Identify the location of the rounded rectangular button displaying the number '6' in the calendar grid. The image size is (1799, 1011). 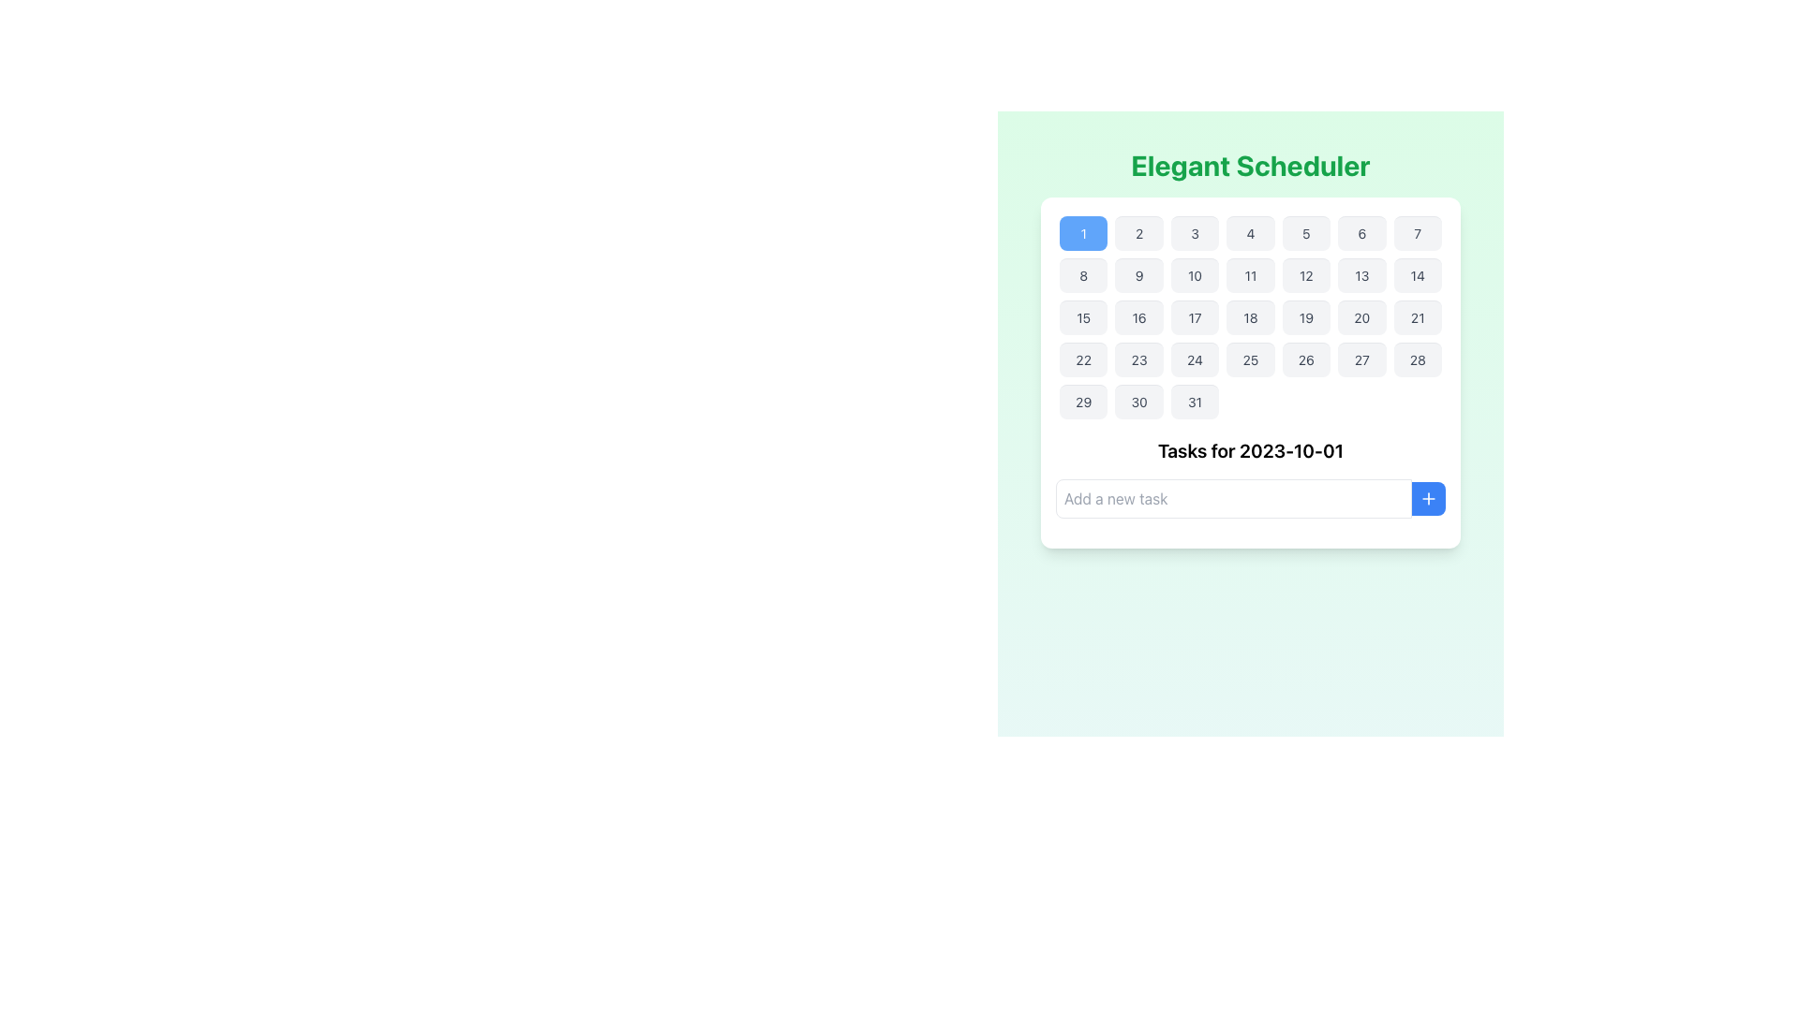
(1361, 232).